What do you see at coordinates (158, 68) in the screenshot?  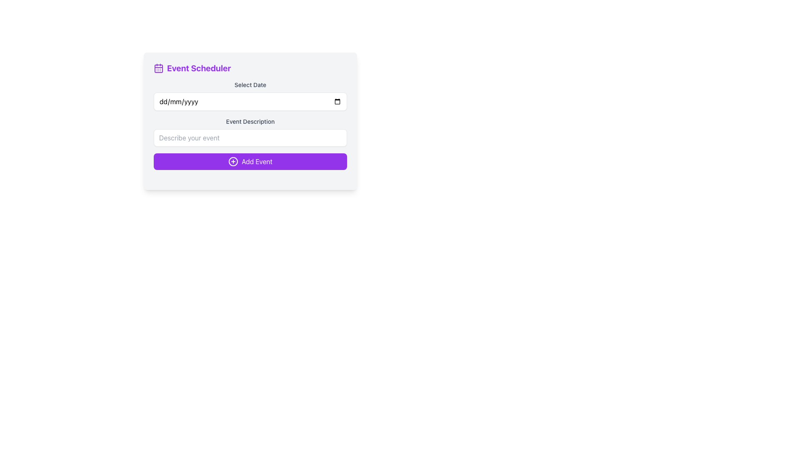 I see `the decorative SVG rectangle that is part of the calendar icon located to the top-left of the 'Event Scheduler' title` at bounding box center [158, 68].